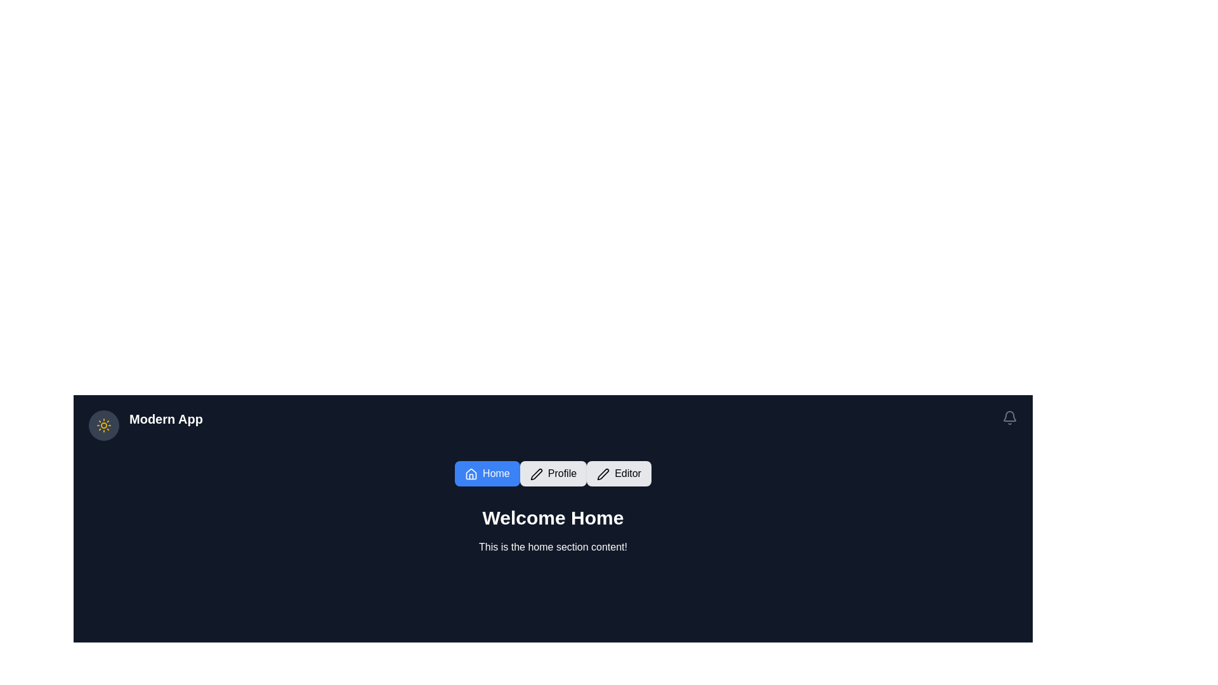  Describe the element at coordinates (603, 474) in the screenshot. I see `the 'Editor' button which contains the editing icon positioned to its left, enhancing usability and recognizability` at that location.